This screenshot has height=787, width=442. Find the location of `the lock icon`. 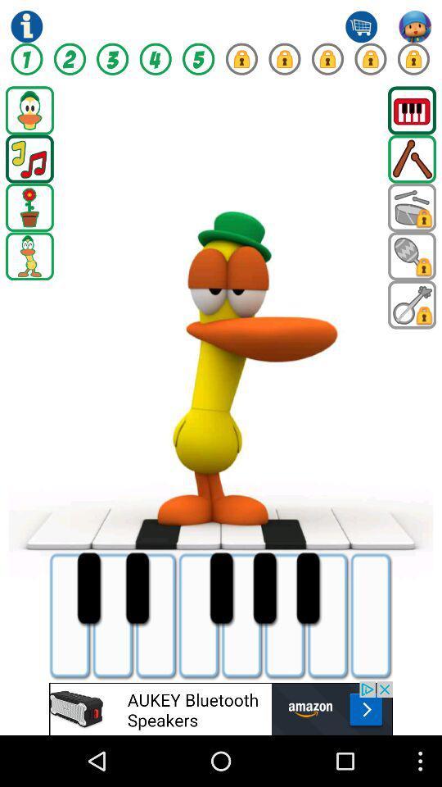

the lock icon is located at coordinates (283, 63).